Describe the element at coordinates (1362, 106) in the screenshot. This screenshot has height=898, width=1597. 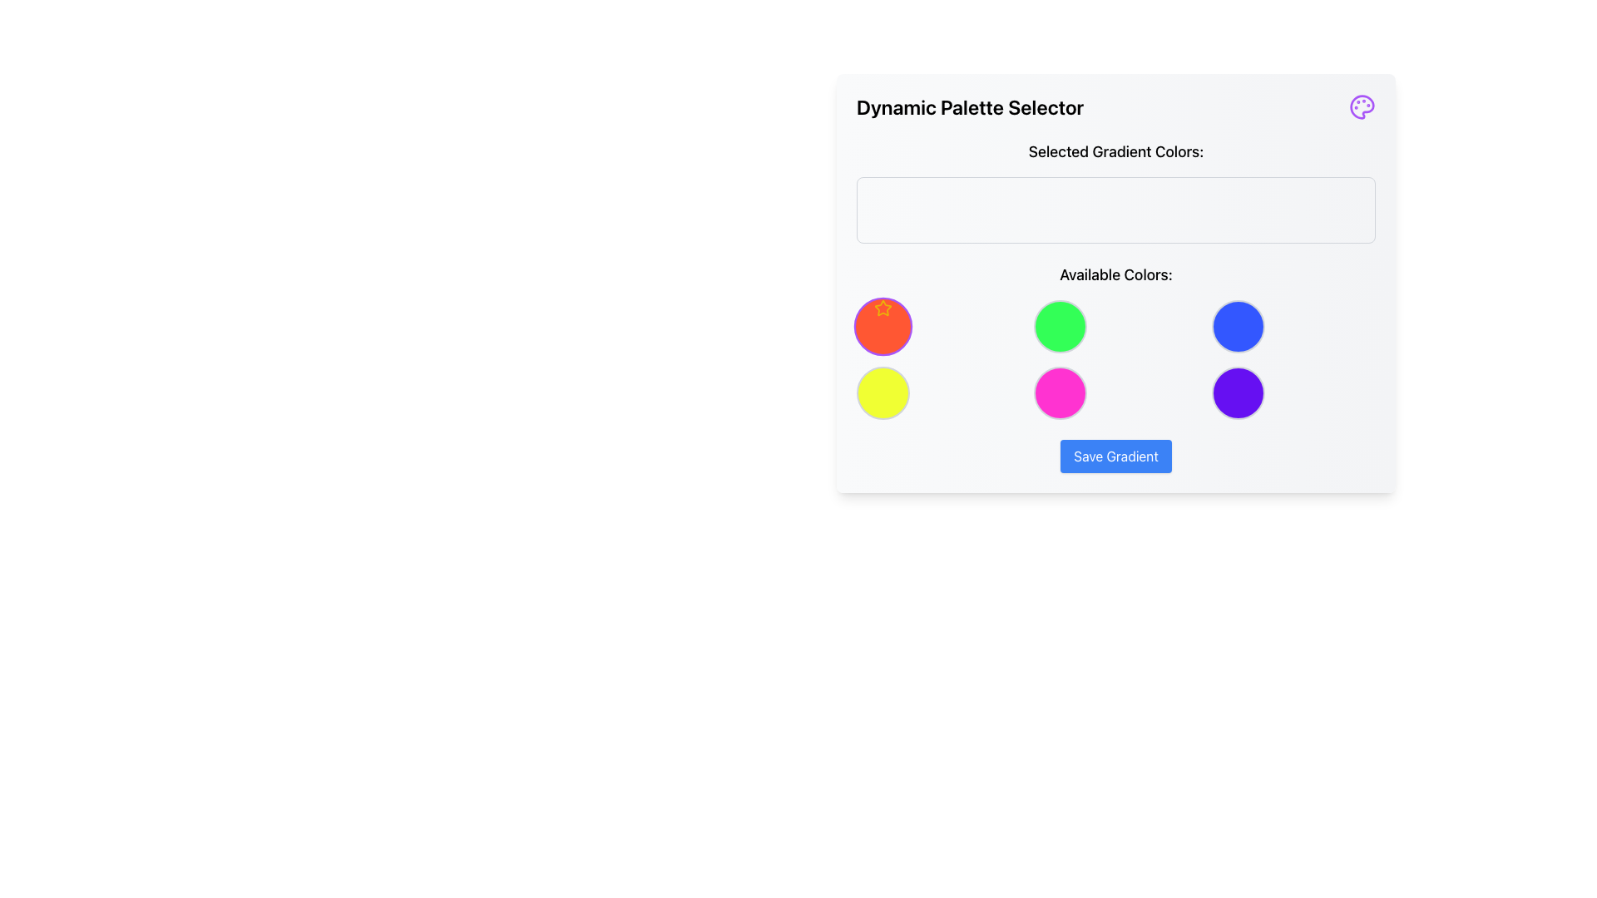
I see `the main body of the artist's palette icon, which is part of the colored palette in the 'Dynamic Palette Selector' section` at that location.